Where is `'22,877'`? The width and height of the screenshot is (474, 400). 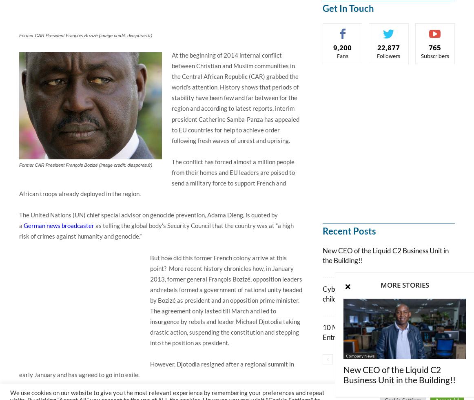 '22,877' is located at coordinates (388, 47).